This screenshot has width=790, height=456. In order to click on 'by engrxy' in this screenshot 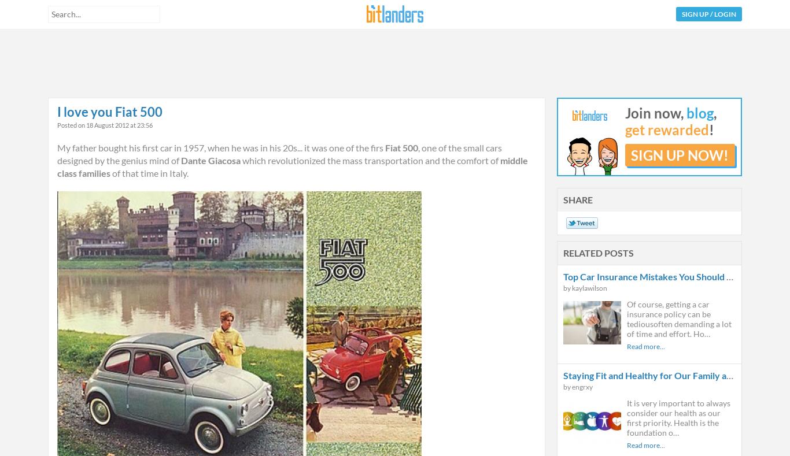, I will do `click(578, 386)`.